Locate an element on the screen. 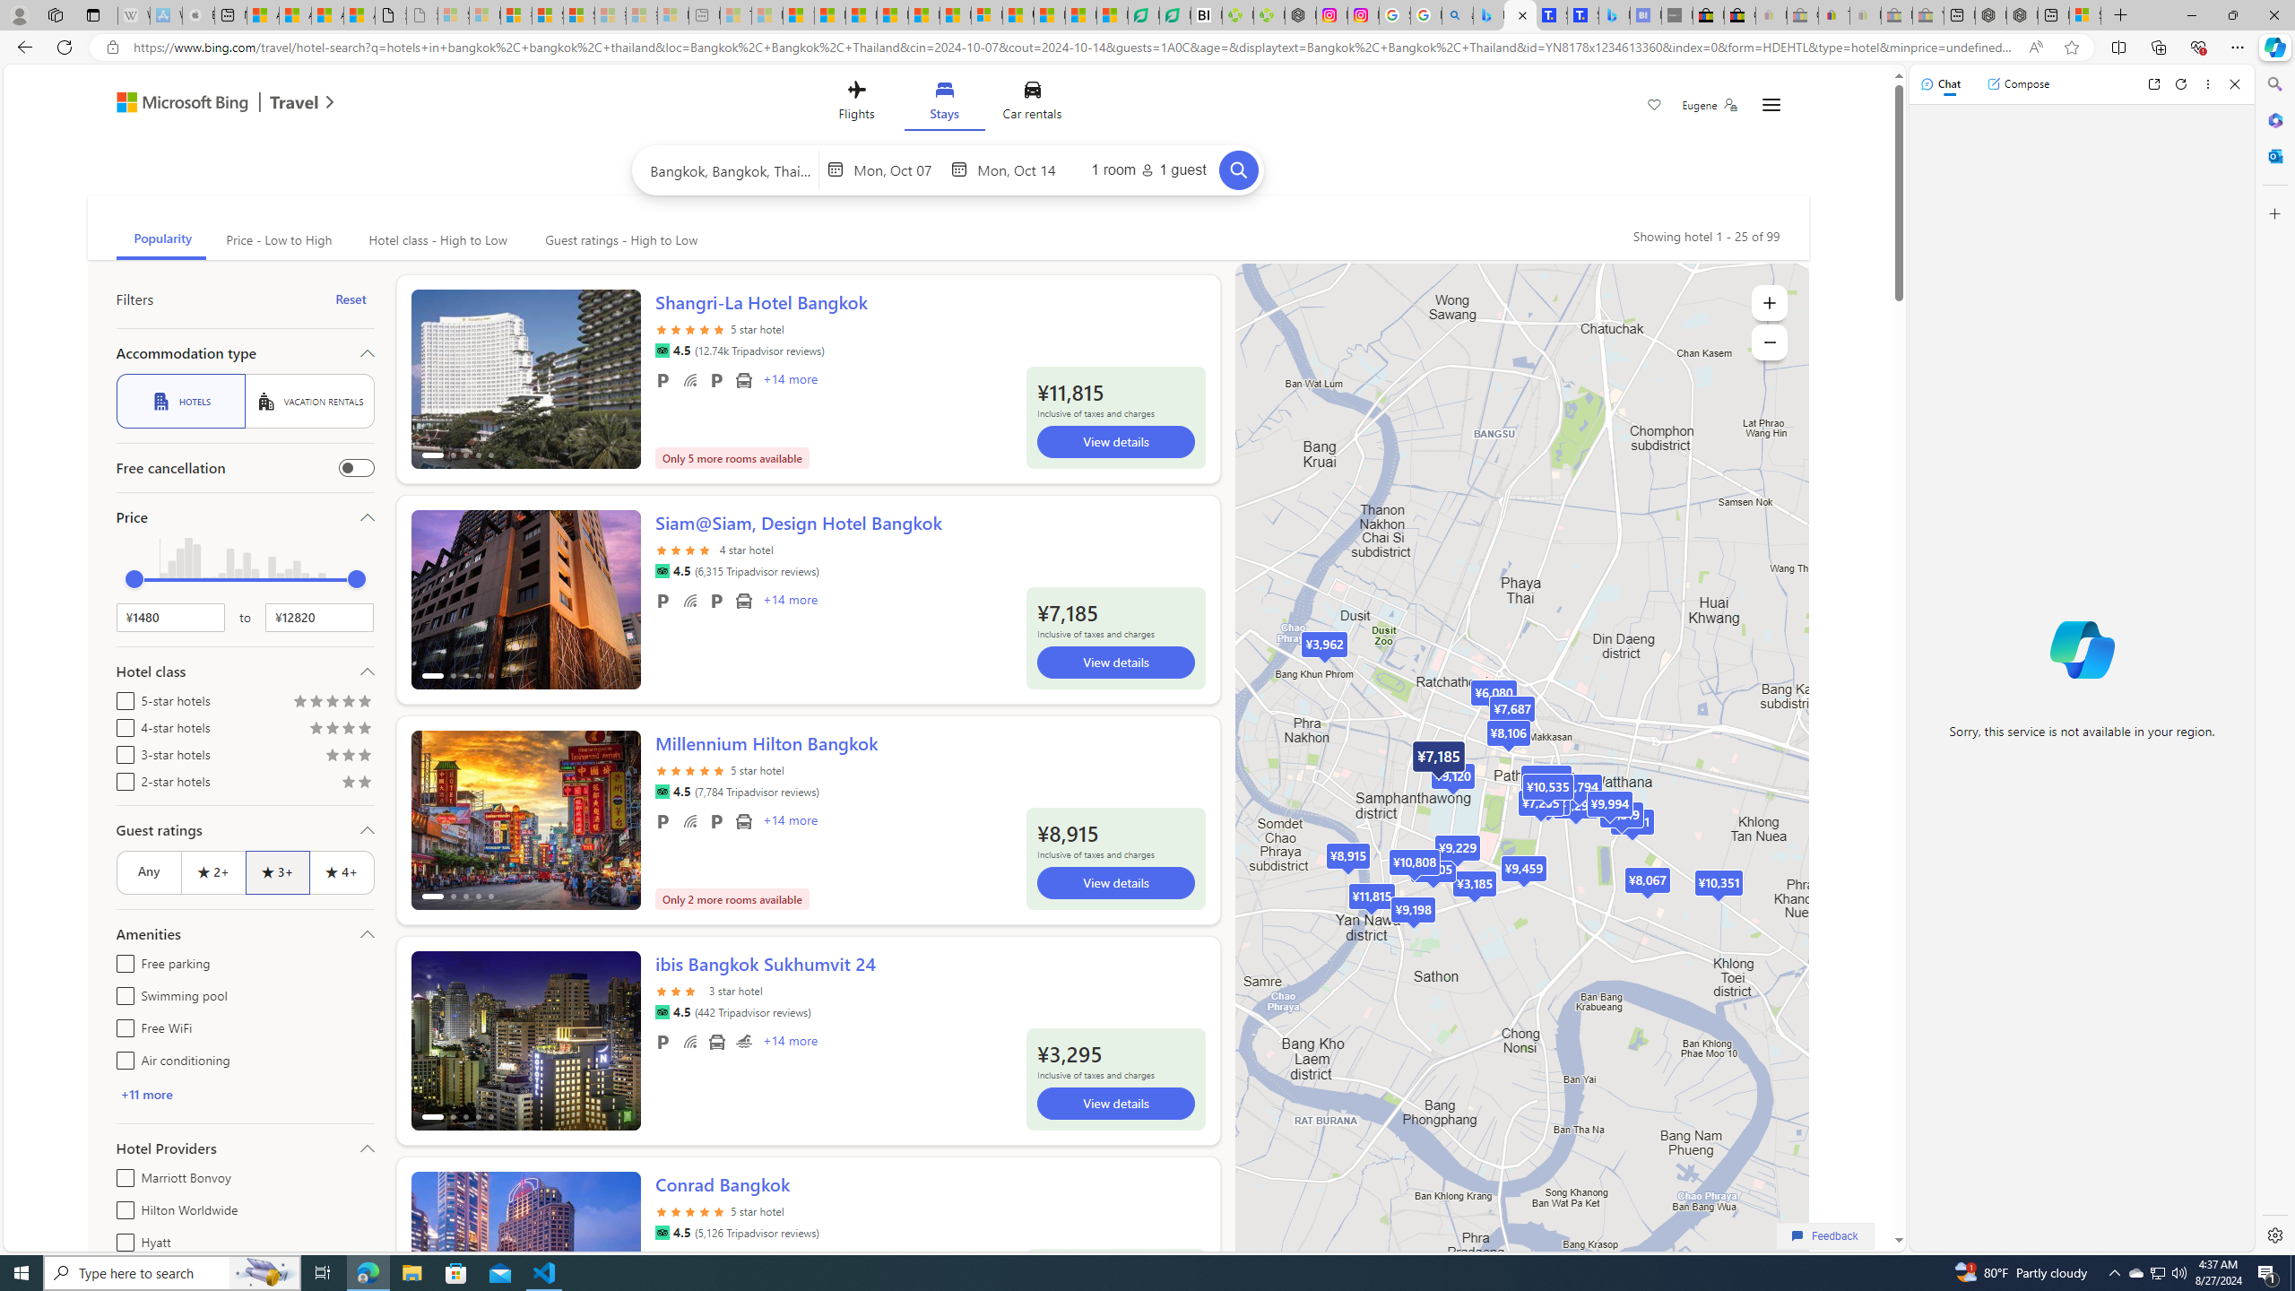 The width and height of the screenshot is (2295, 1291). 'Any' is located at coordinates (147, 871).